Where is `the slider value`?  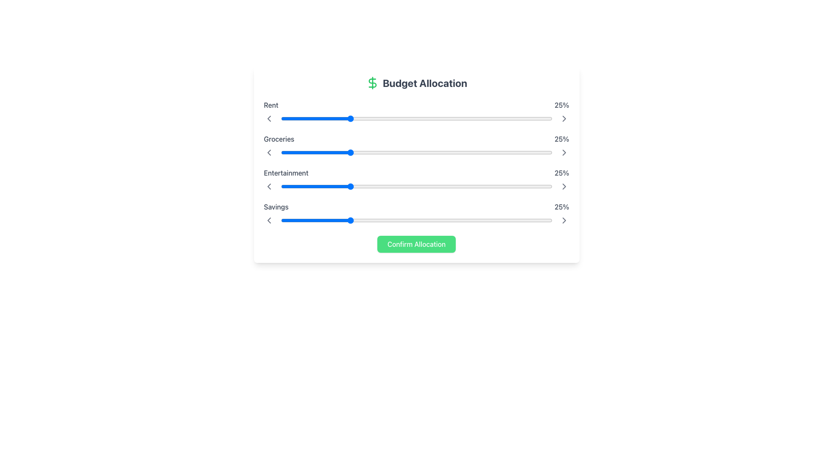 the slider value is located at coordinates (378, 186).